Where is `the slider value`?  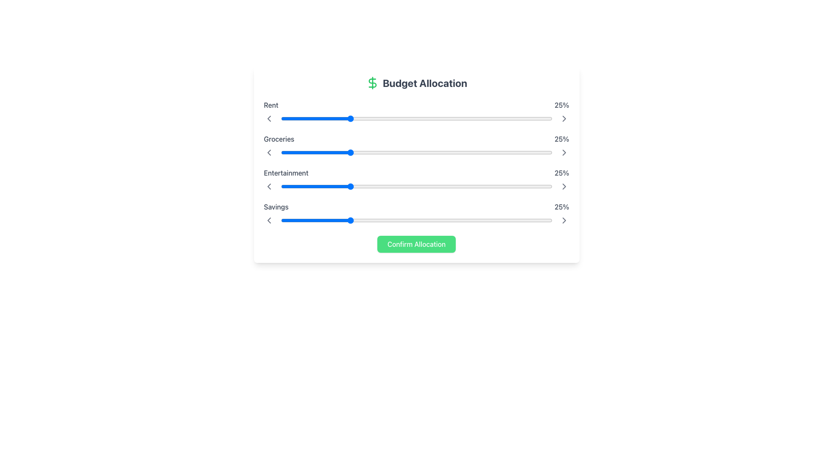 the slider value is located at coordinates (378, 186).